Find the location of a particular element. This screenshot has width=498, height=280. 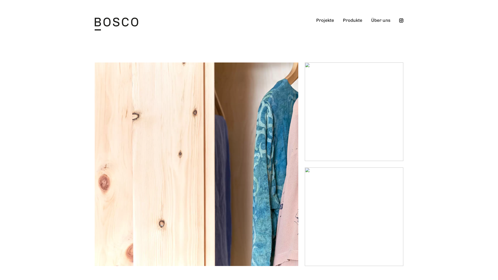

'Produkte' is located at coordinates (338, 25).